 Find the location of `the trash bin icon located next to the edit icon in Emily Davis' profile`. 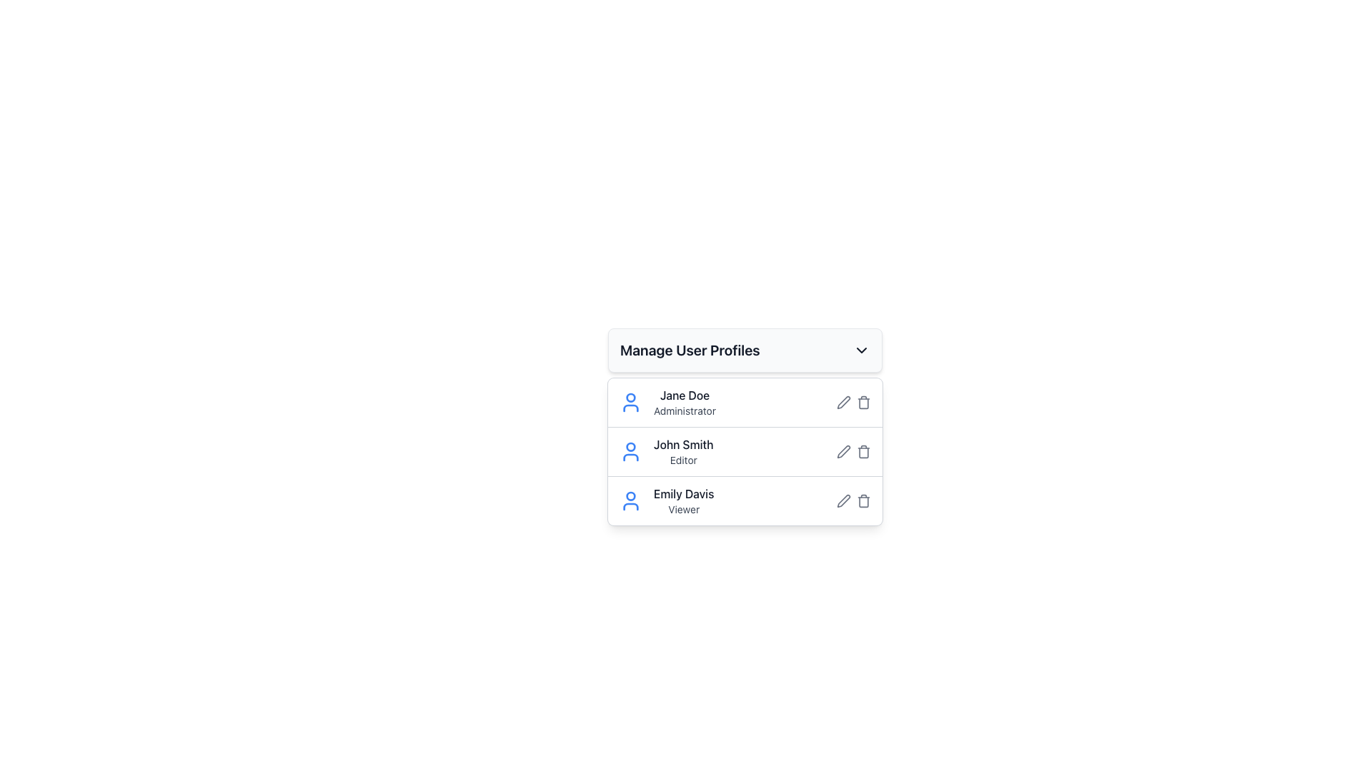

the trash bin icon located next to the edit icon in Emily Davis' profile is located at coordinates (863, 500).